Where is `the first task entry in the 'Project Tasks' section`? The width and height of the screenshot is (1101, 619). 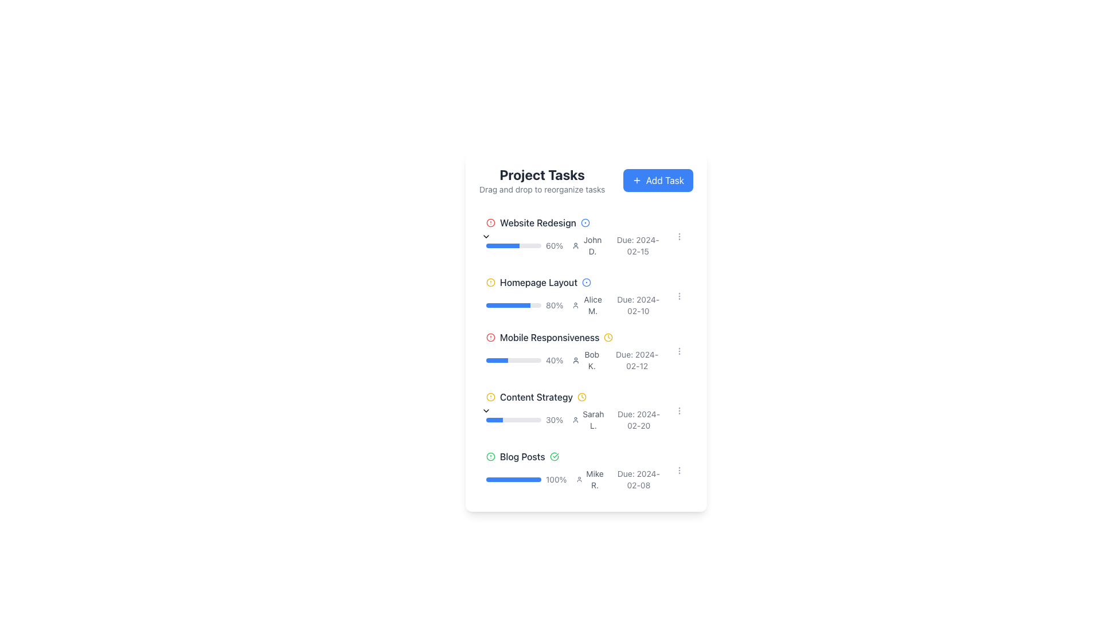
the first task entry in the 'Project Tasks' section is located at coordinates (575, 236).